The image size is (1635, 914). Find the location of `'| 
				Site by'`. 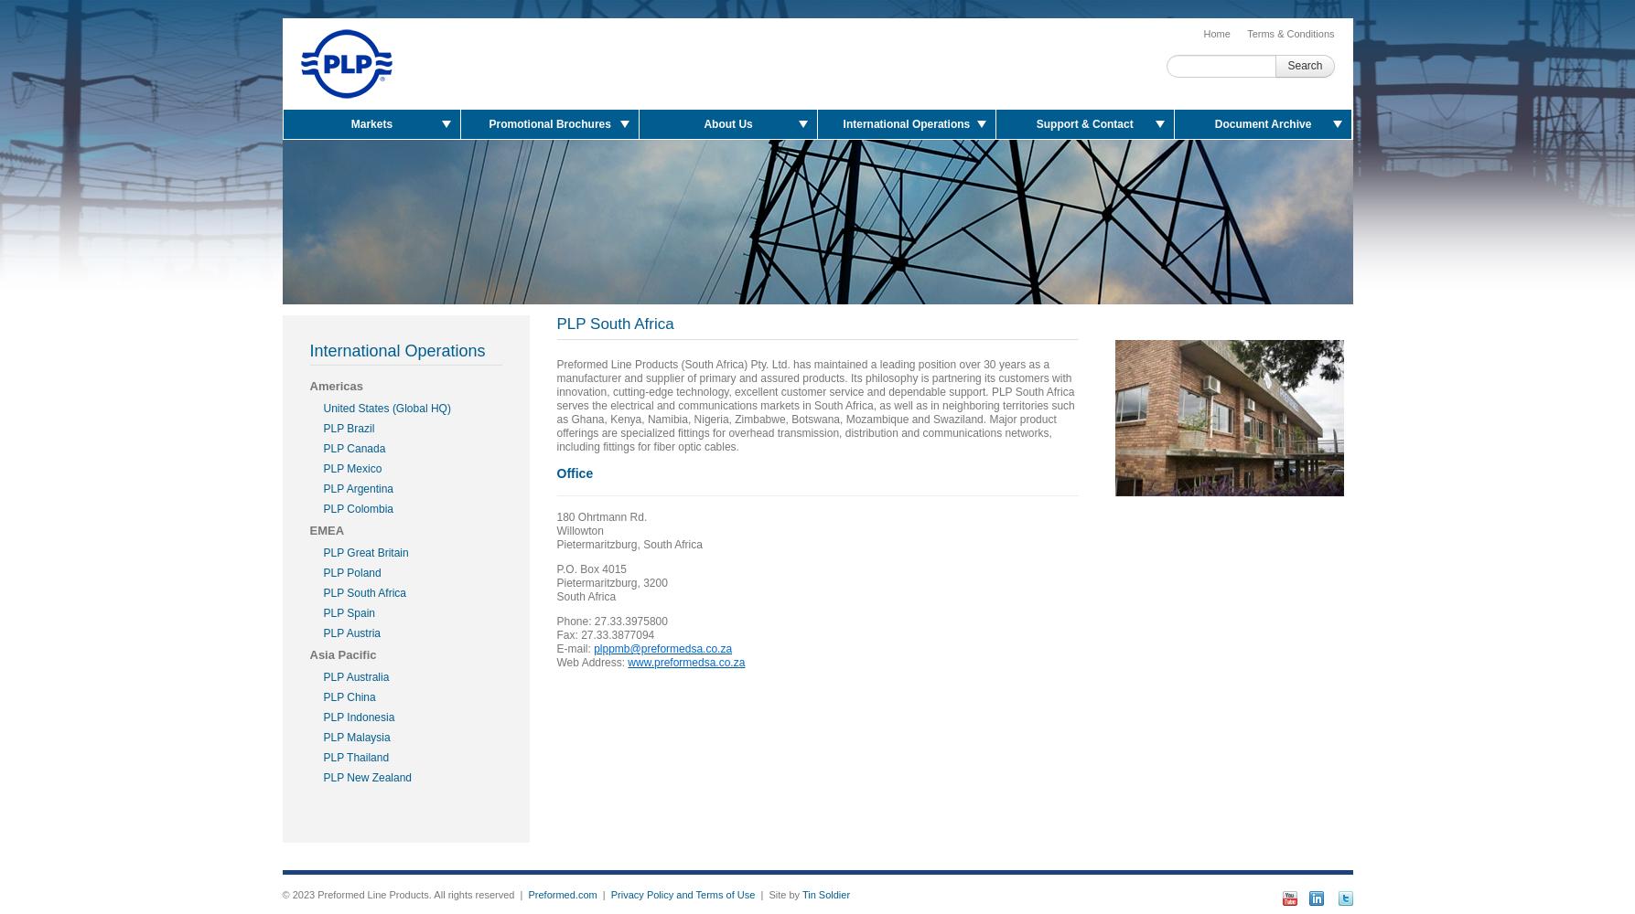

'| 
				Site by' is located at coordinates (755, 894).